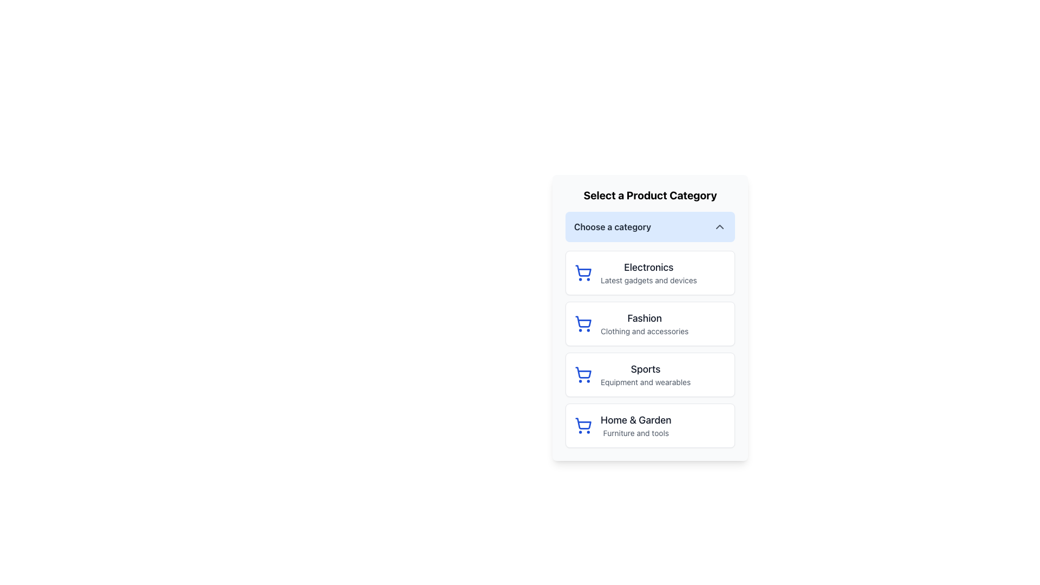 The image size is (1040, 585). I want to click on descriptive text label for the 'Sports' category, positioned below the main heading 'Sports' and aligned to the left margin, so click(646, 381).